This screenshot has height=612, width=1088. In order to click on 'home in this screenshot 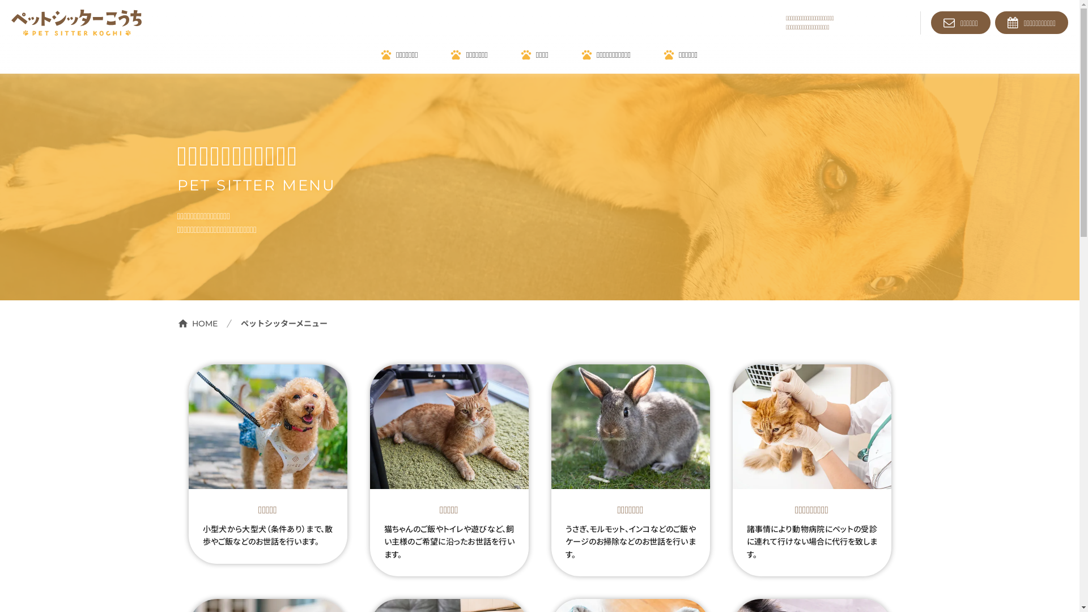, I will do `click(197, 323)`.